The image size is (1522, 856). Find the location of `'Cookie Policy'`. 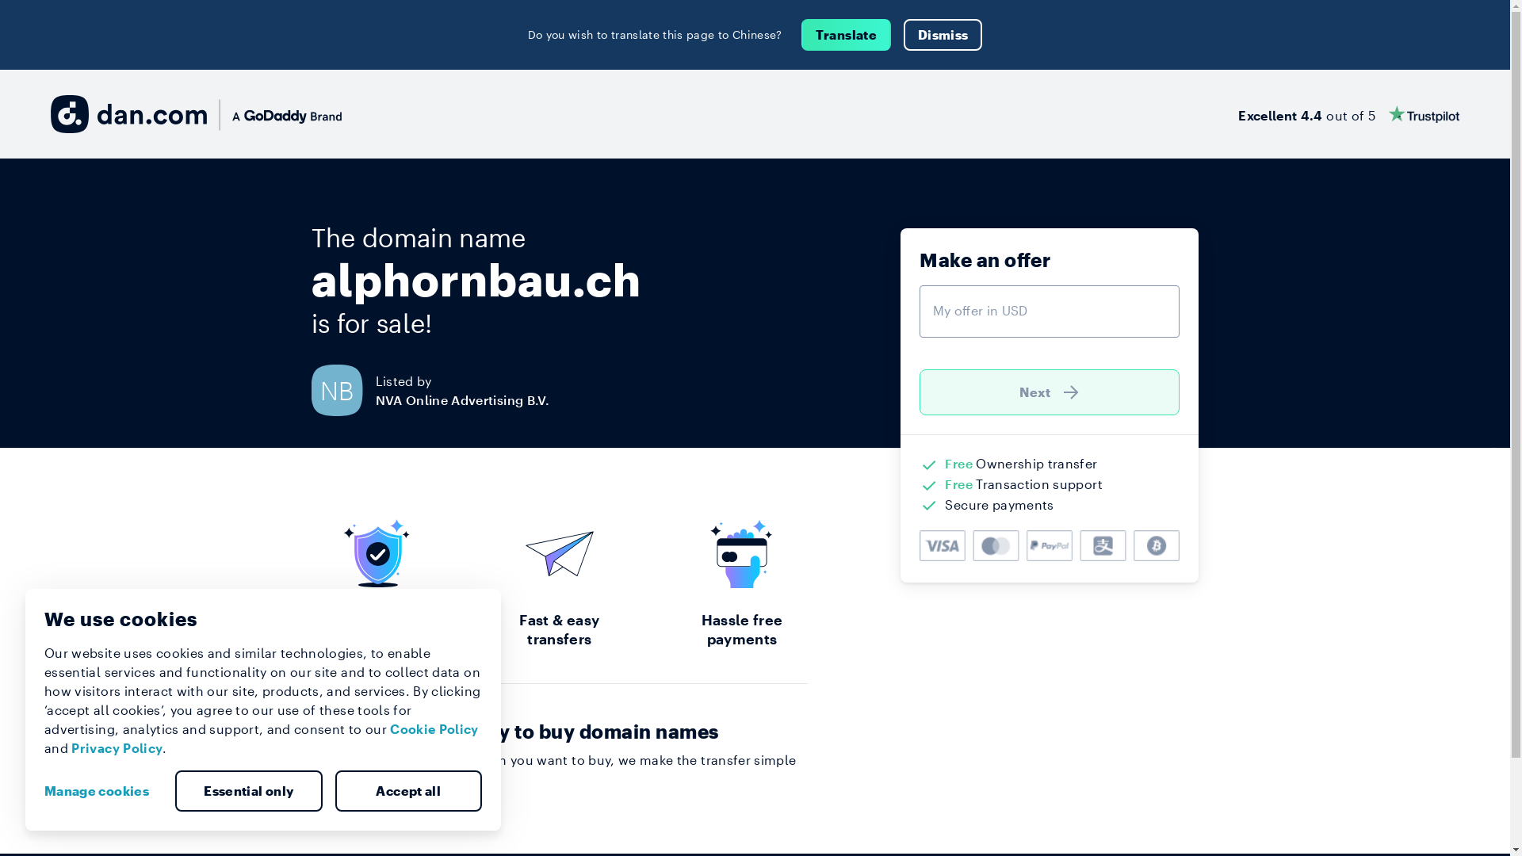

'Cookie Policy' is located at coordinates (389, 728).